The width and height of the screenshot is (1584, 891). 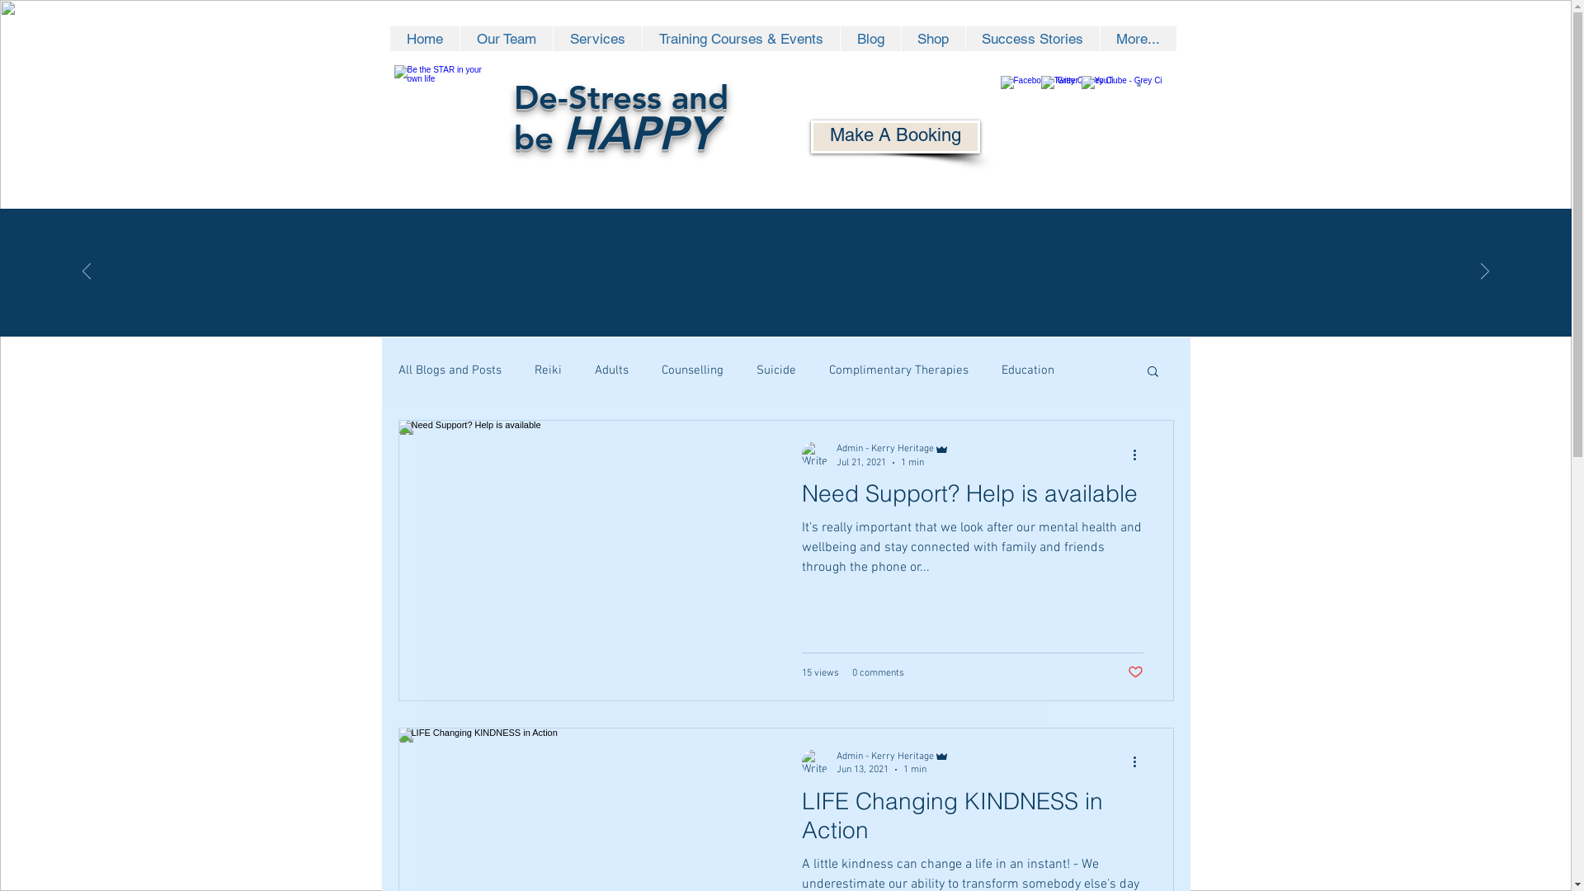 What do you see at coordinates (423, 37) in the screenshot?
I see `'Home'` at bounding box center [423, 37].